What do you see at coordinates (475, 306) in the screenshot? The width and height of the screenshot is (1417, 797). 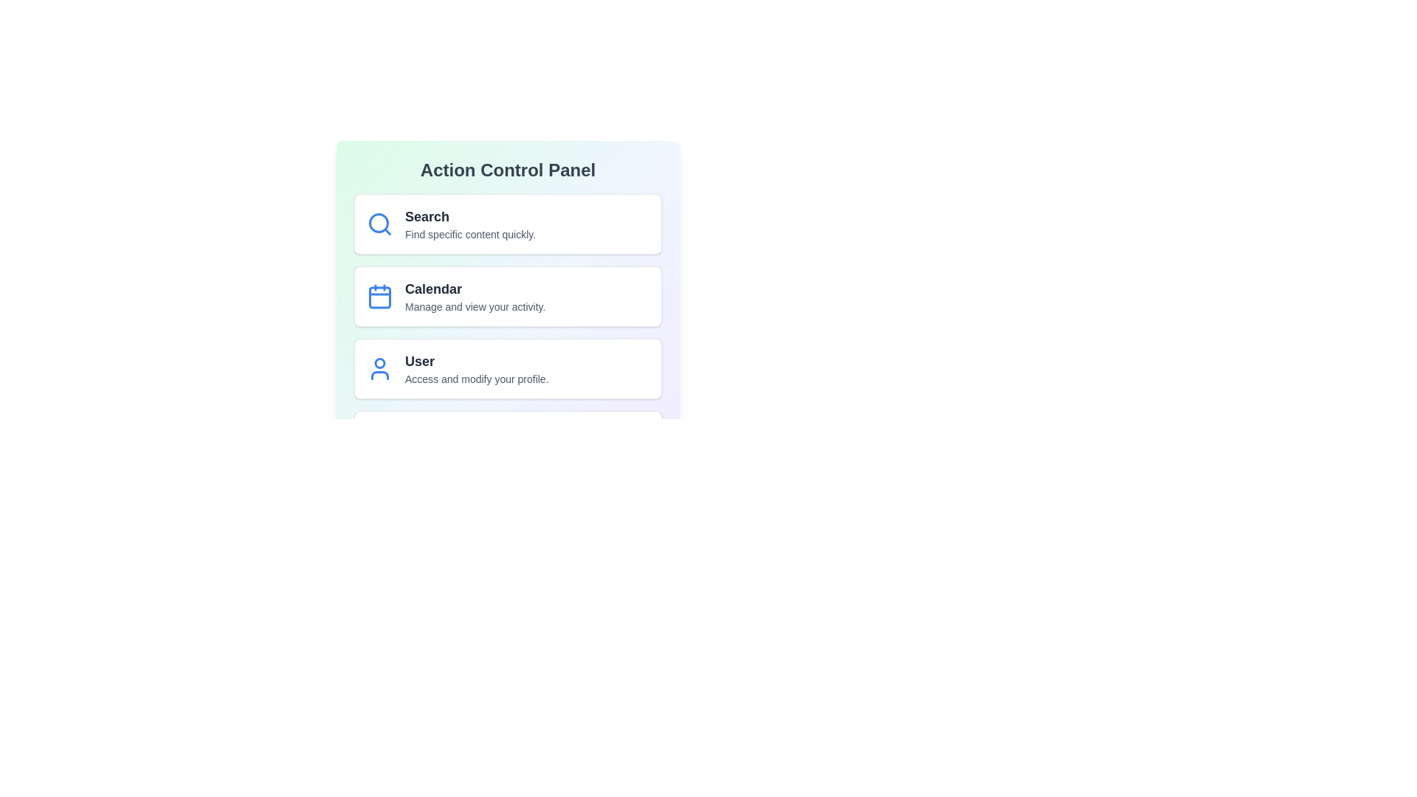 I see `the descriptive label positioned below the 'Calendar' title and icon, which provides additional context for the associated primary action` at bounding box center [475, 306].